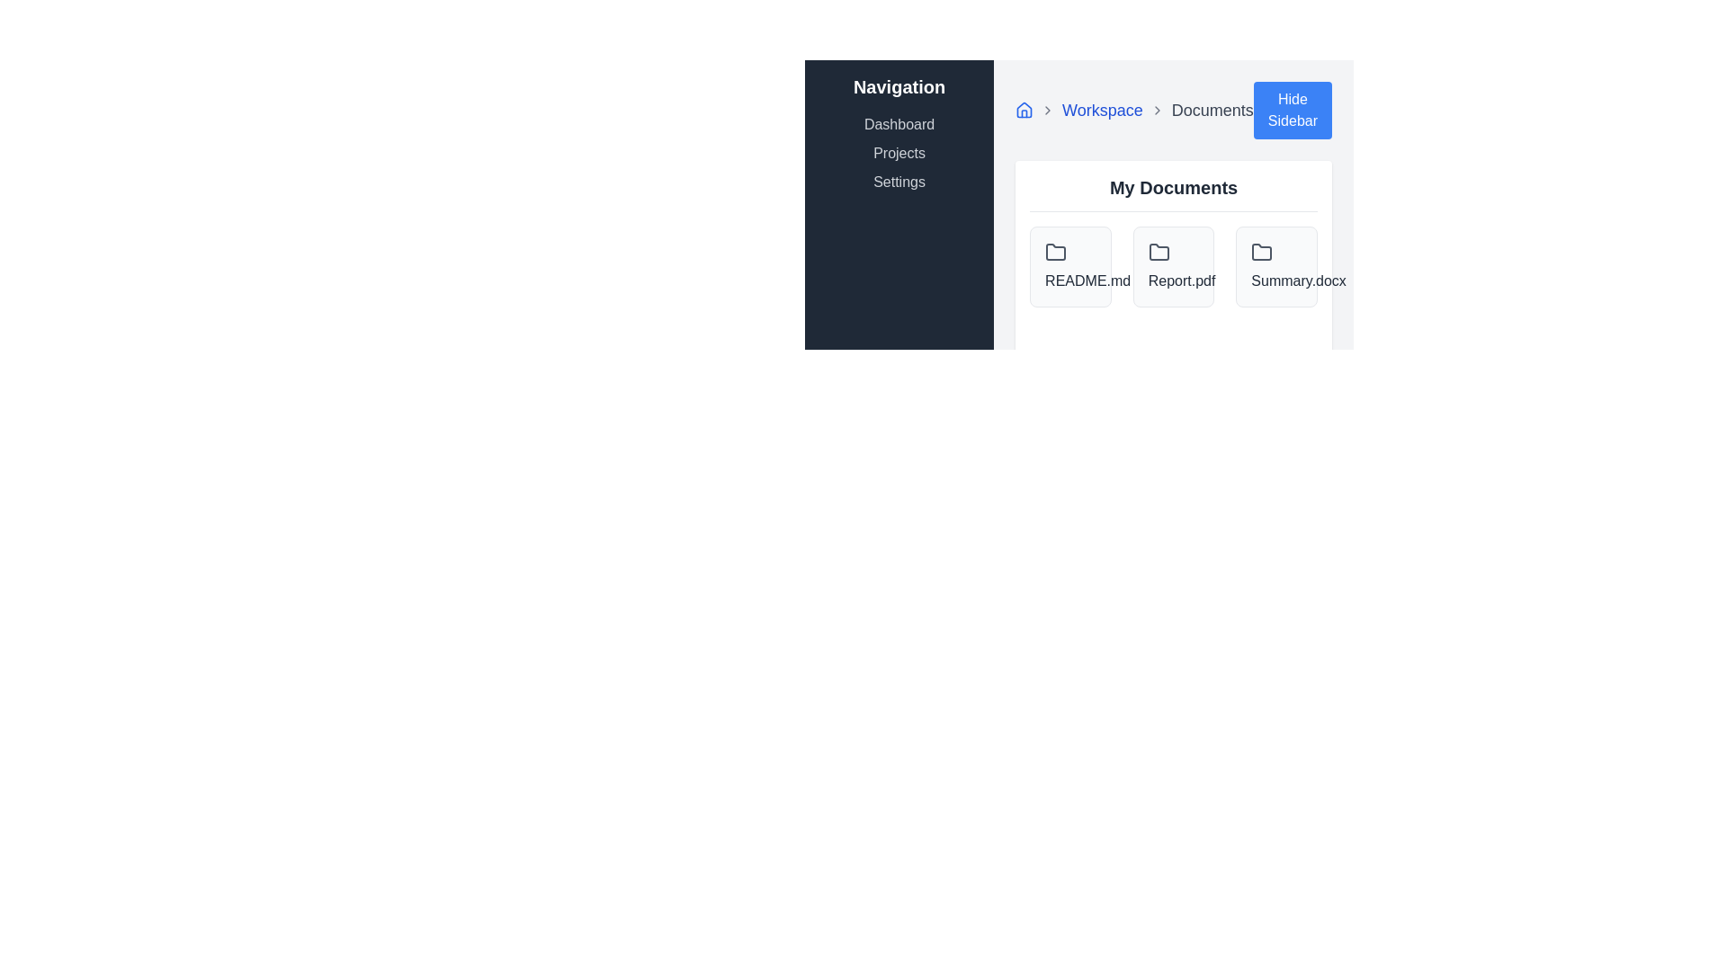  What do you see at coordinates (1174, 281) in the screenshot?
I see `the text label indicating the name of a file or folder located in the center of the second card under the 'My Documents' section` at bounding box center [1174, 281].